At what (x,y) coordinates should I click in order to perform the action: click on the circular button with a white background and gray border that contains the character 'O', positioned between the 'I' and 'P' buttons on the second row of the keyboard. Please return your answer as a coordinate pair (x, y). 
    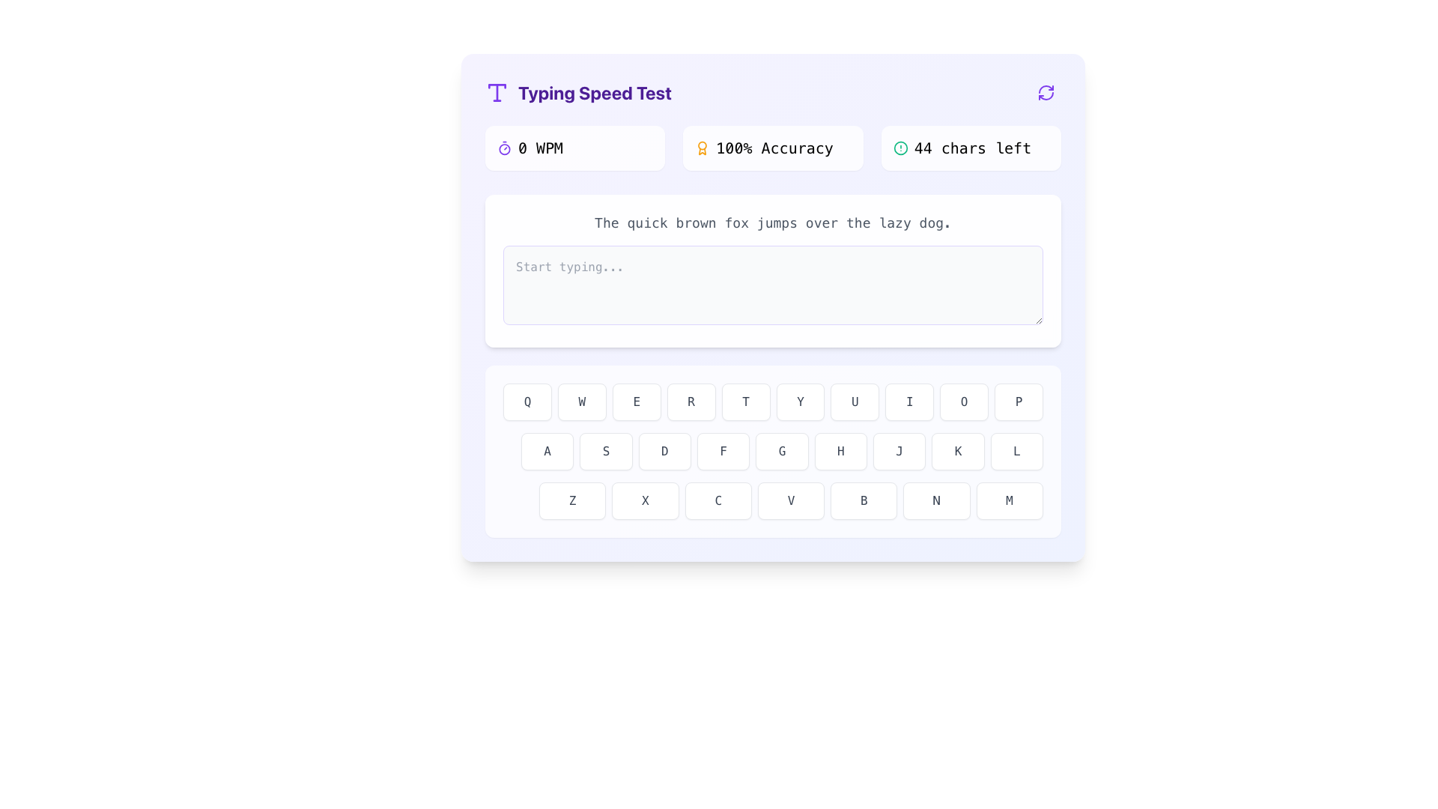
    Looking at the image, I should click on (964, 401).